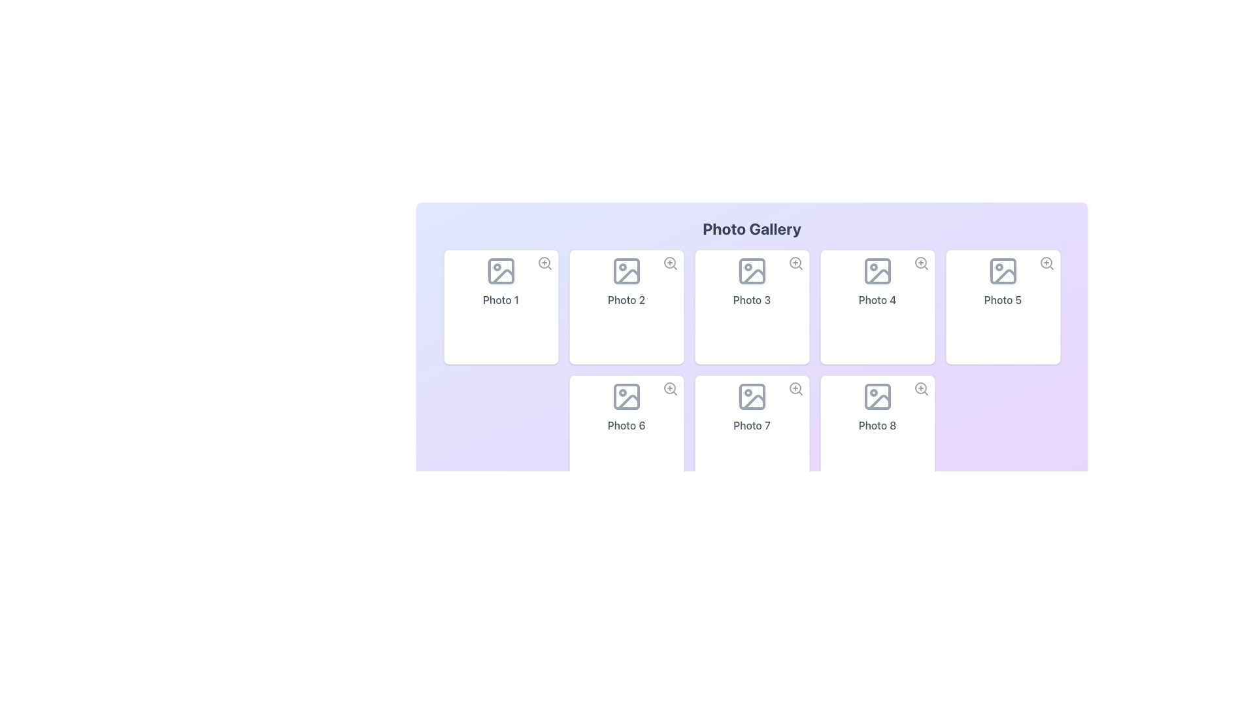  Describe the element at coordinates (1002, 300) in the screenshot. I see `the text label identifying the specific photo within the fifth card of the photo gallery grid, located in the second row and centered horizontally within the card` at that location.